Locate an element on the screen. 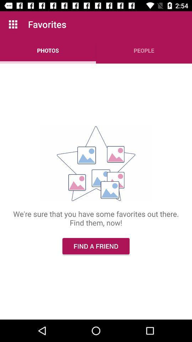 This screenshot has width=192, height=342. the photos app is located at coordinates (48, 50).